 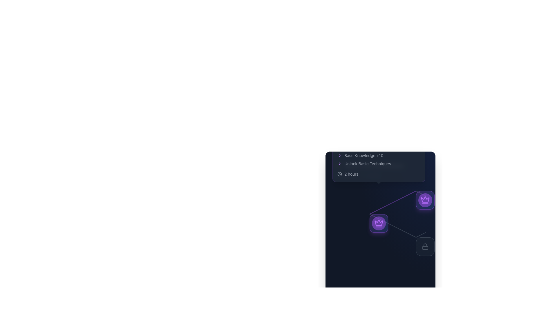 I want to click on the textual description element displaying 'Base Knowledge +10' and 'Unlock Basic Techniques', which features purple chevron icons, located in the 'Rewards' section, so click(x=379, y=155).